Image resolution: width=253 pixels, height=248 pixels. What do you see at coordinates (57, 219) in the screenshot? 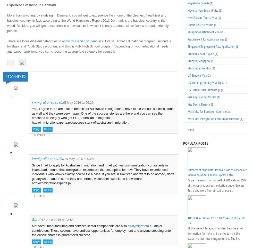
I see `'12 June 2016 at 03:58'` at bounding box center [57, 219].